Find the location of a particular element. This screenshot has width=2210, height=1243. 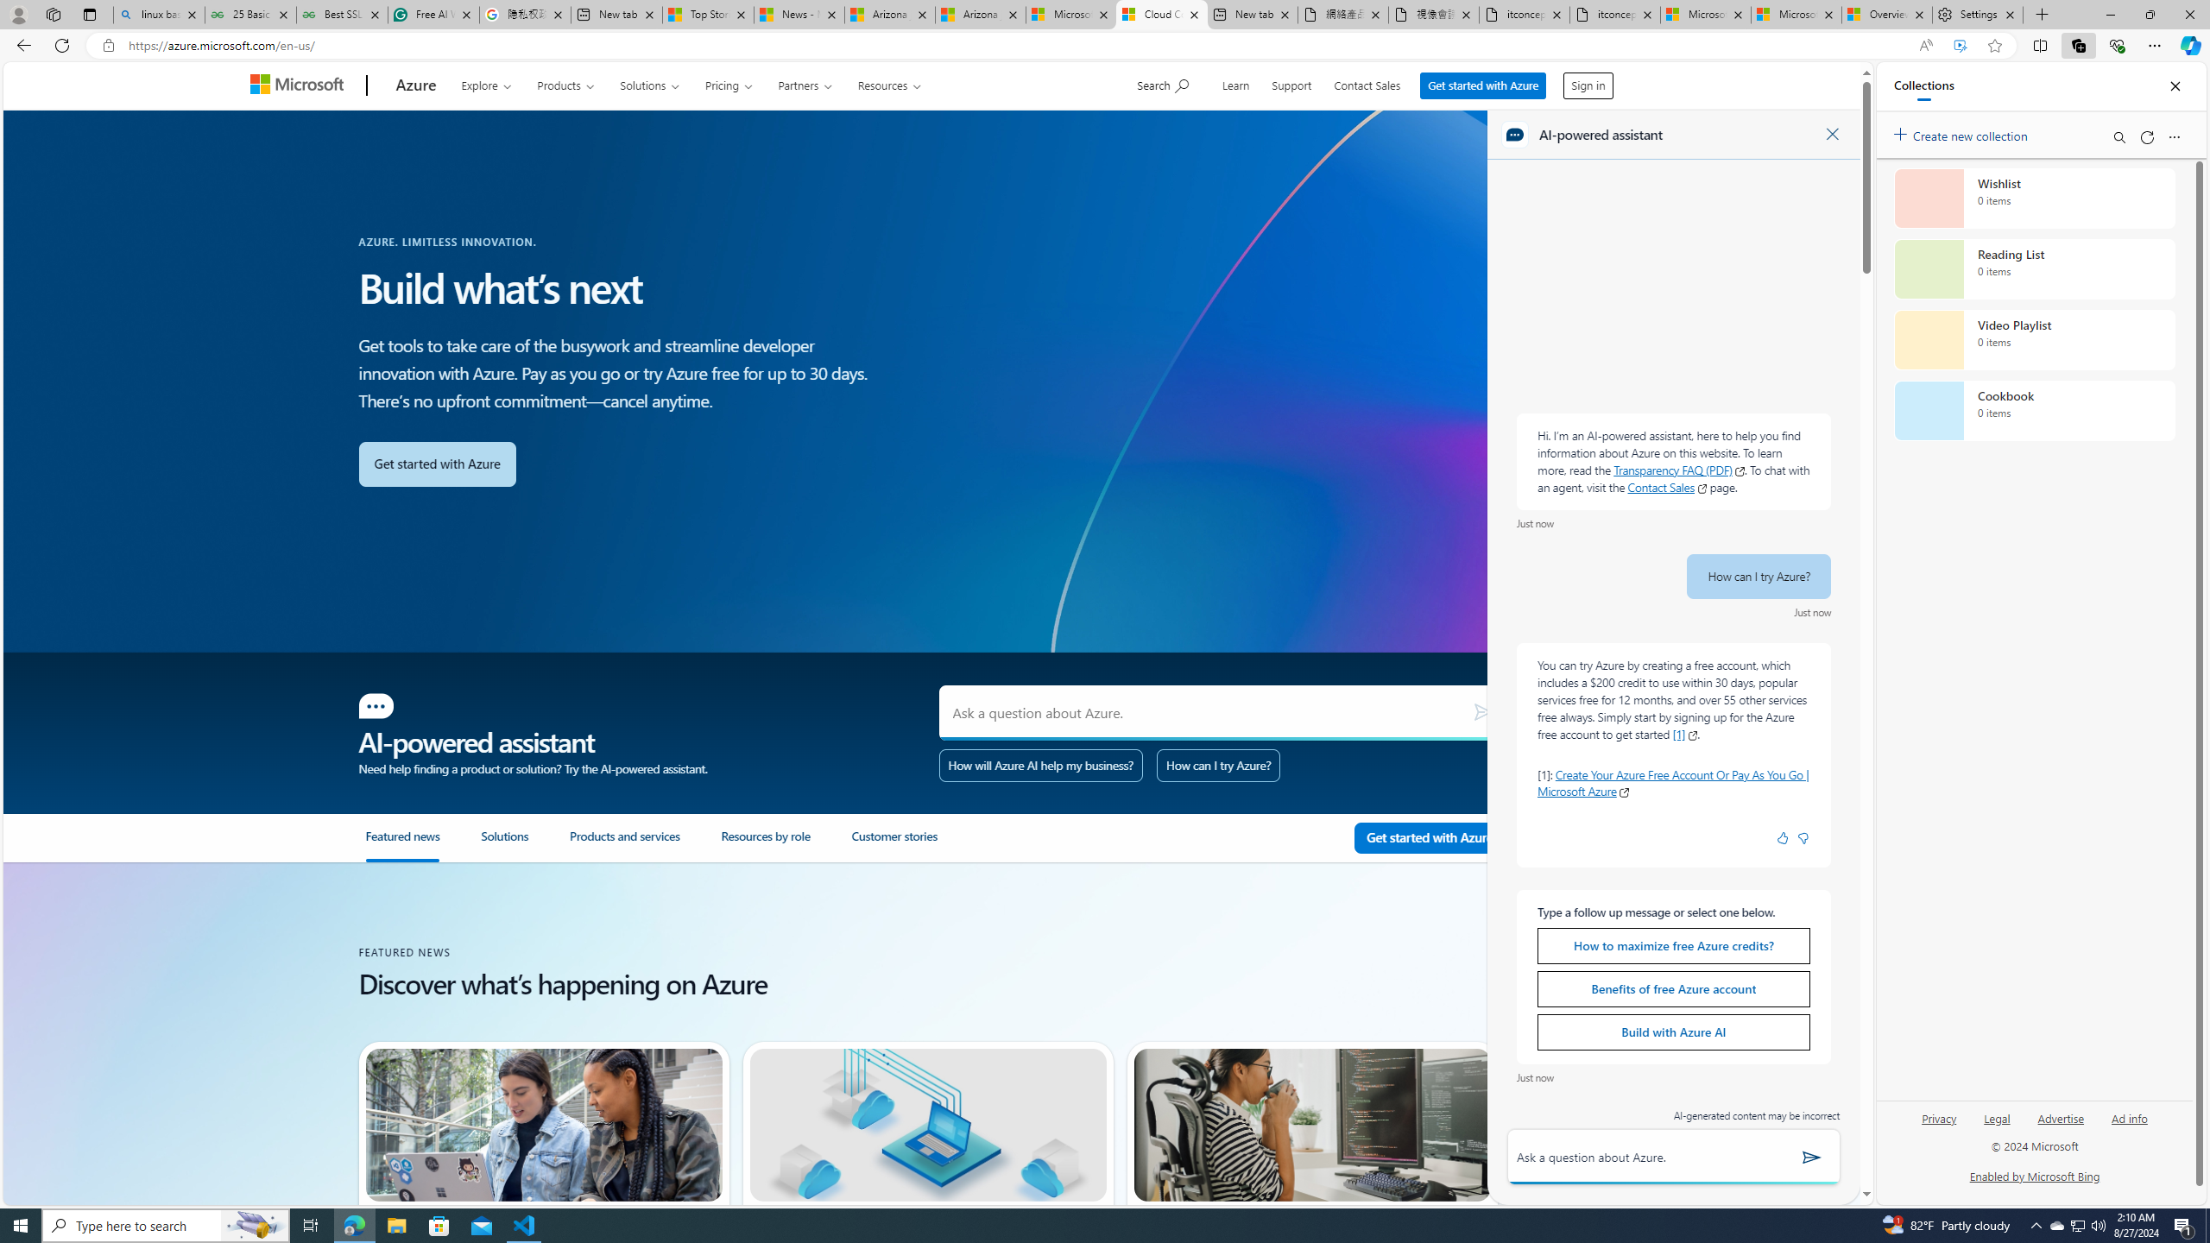

'Reading List collection, 0 items' is located at coordinates (2034, 268).